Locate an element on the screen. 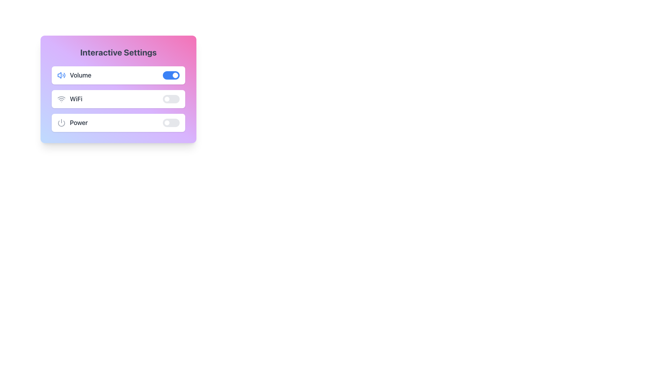 Image resolution: width=671 pixels, height=377 pixels. the volume control icon located to the left of the 'Volume' label within the 'Interactive Settings' card is located at coordinates (62, 75).